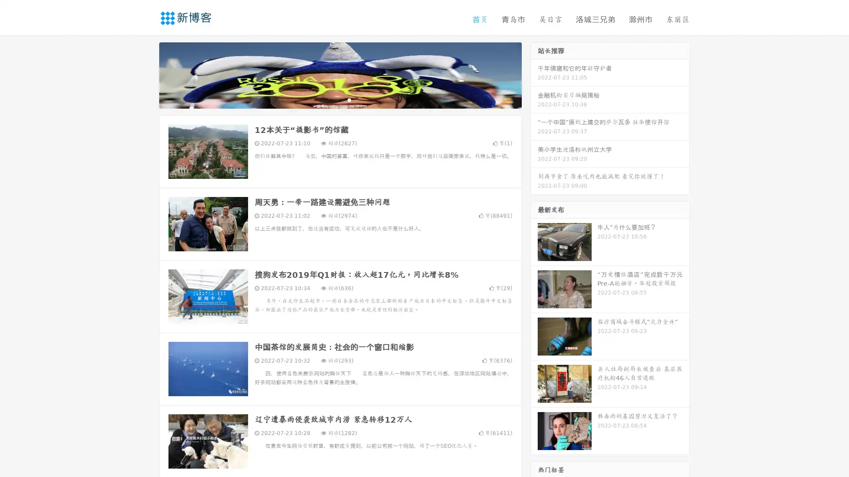 The width and height of the screenshot is (849, 477). What do you see at coordinates (331, 99) in the screenshot?
I see `Go to slide 1` at bounding box center [331, 99].